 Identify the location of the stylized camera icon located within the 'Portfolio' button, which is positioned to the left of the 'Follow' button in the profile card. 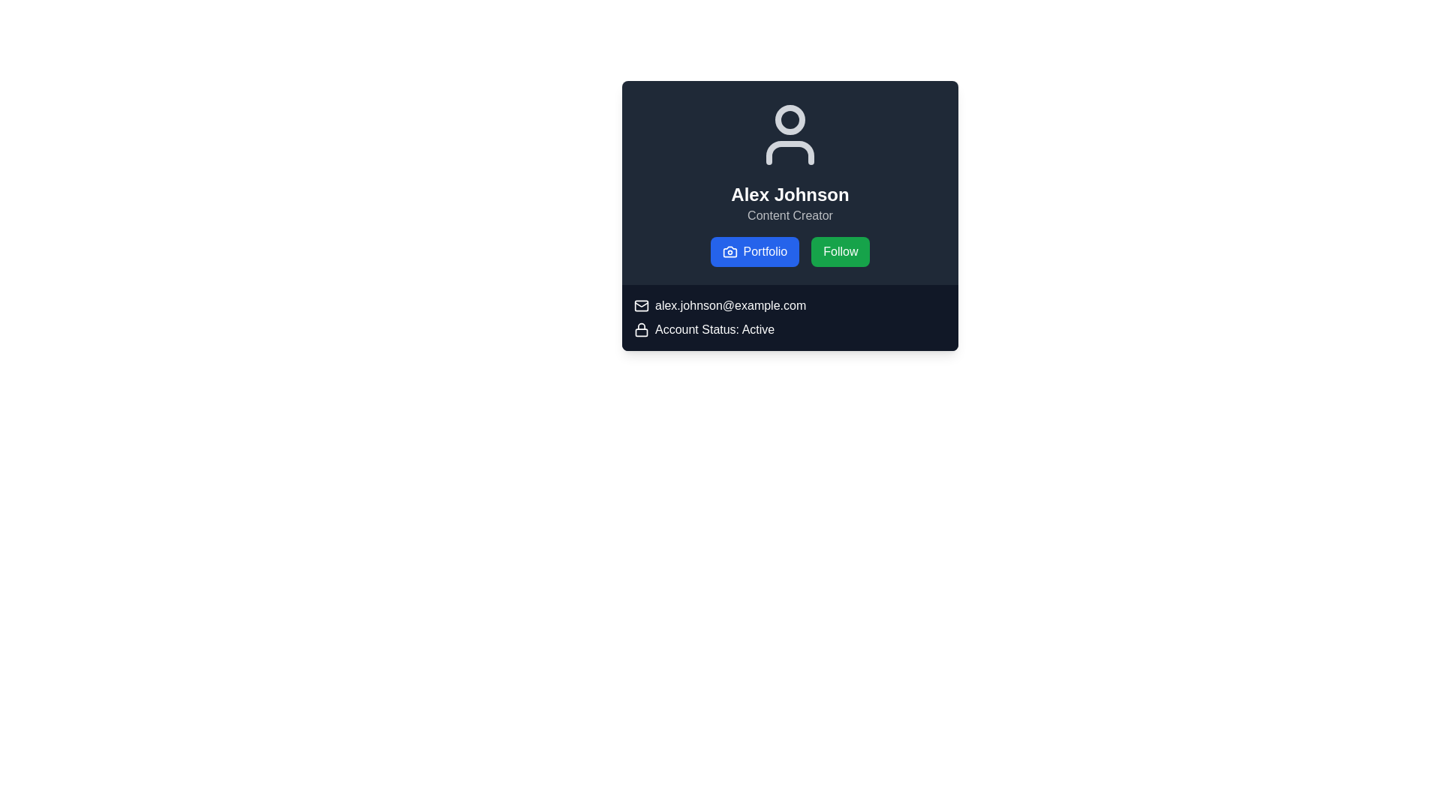
(730, 250).